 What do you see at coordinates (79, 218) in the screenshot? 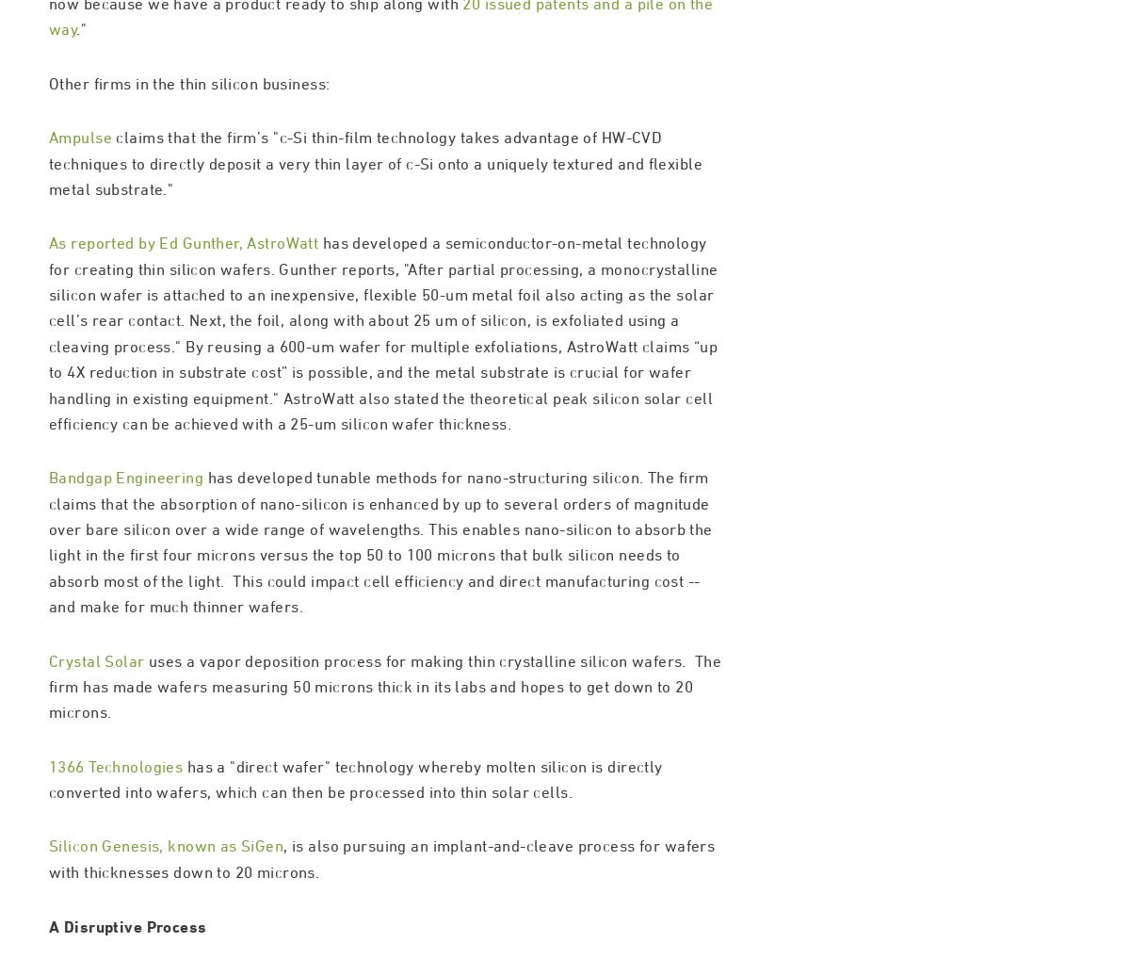
I see `'Ampulse'` at bounding box center [79, 218].